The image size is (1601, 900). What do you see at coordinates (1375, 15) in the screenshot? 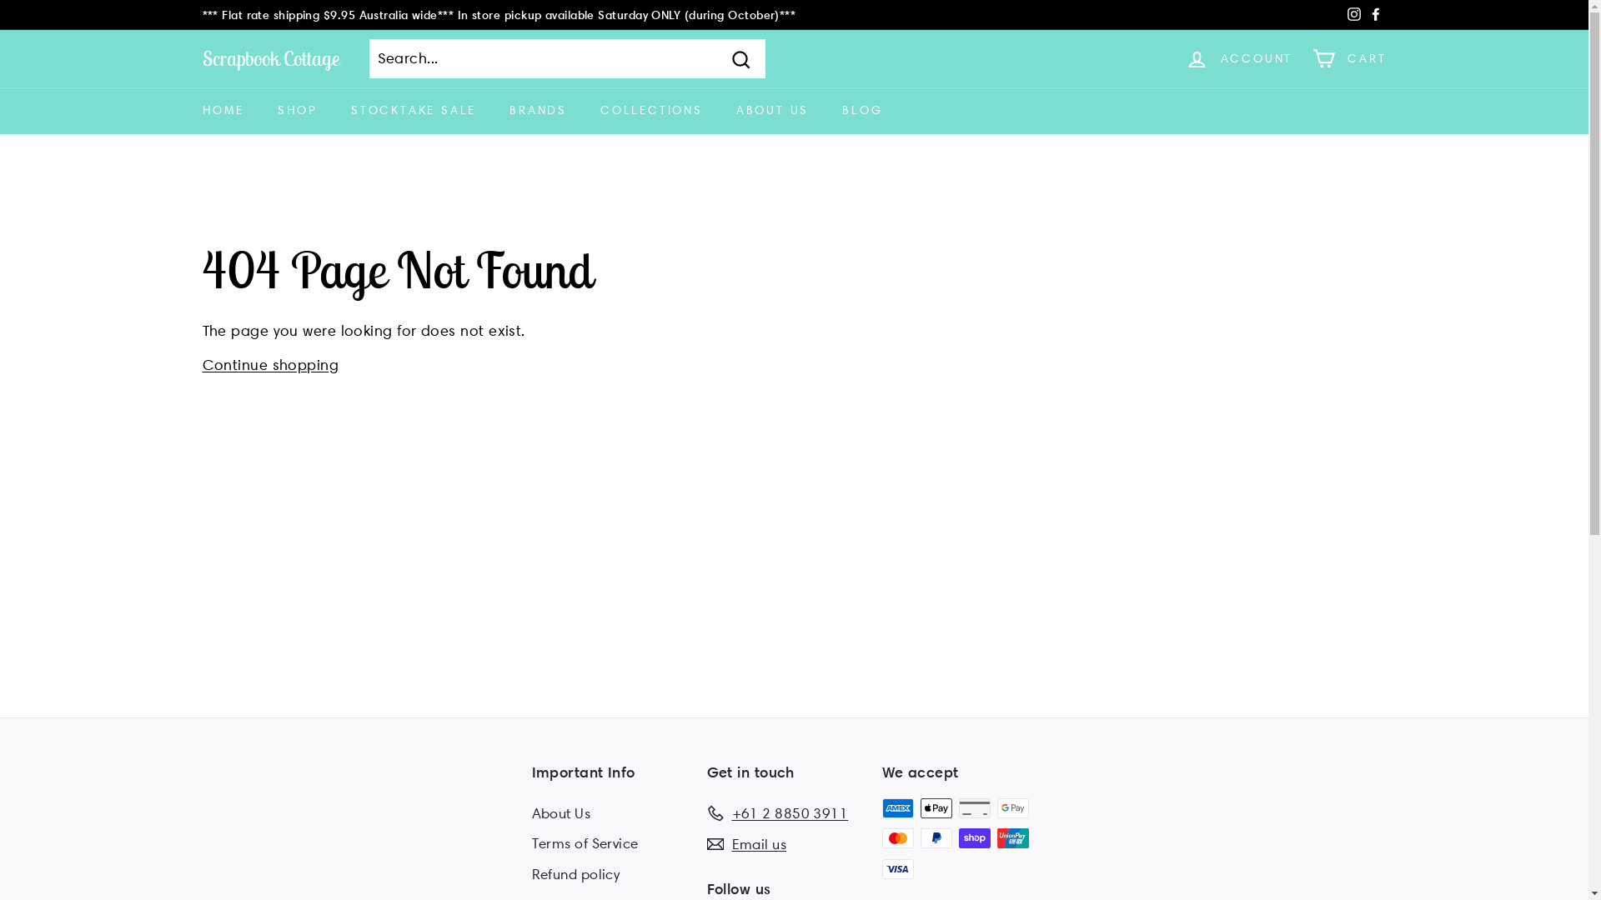
I see `'Facebook'` at bounding box center [1375, 15].